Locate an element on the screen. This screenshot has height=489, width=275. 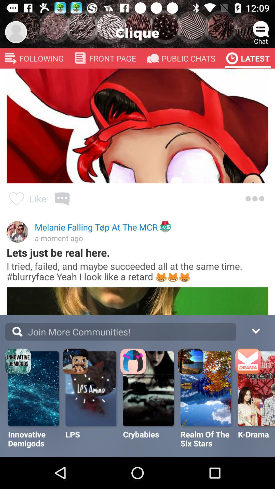
the expand_more icon is located at coordinates (255, 330).